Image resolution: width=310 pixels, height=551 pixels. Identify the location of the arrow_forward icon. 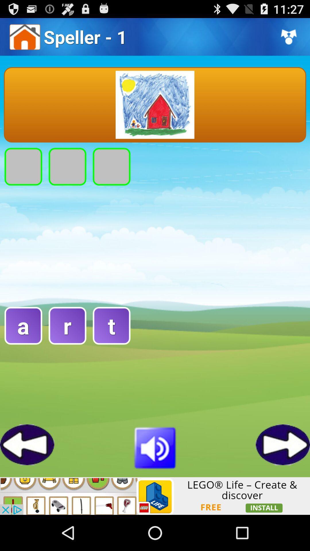
(282, 476).